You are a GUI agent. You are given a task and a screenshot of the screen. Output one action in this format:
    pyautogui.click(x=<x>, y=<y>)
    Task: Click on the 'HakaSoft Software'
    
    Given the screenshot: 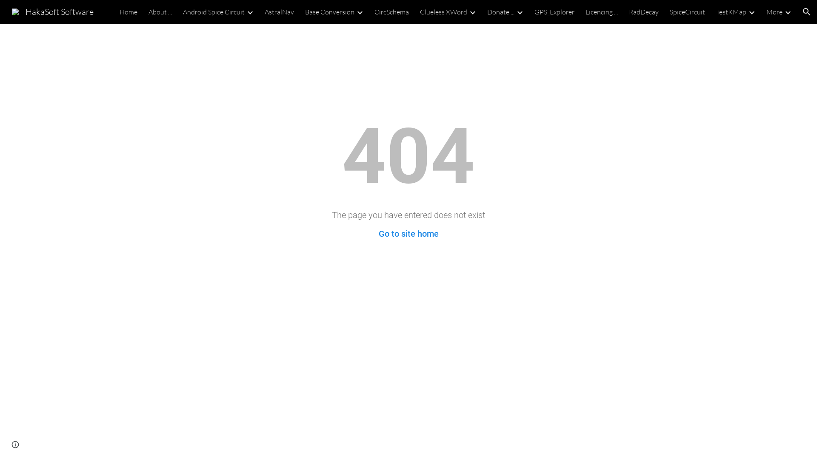 What is the action you would take?
    pyautogui.click(x=52, y=11)
    